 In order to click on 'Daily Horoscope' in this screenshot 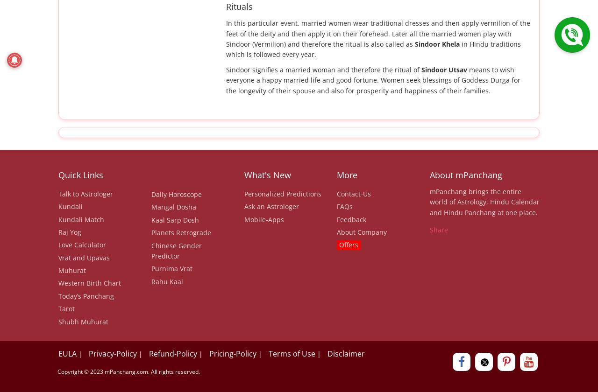, I will do `click(176, 194)`.